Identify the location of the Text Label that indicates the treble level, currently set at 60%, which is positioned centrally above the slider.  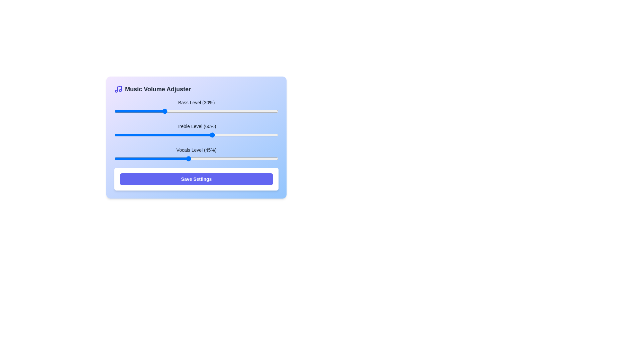
(196, 126).